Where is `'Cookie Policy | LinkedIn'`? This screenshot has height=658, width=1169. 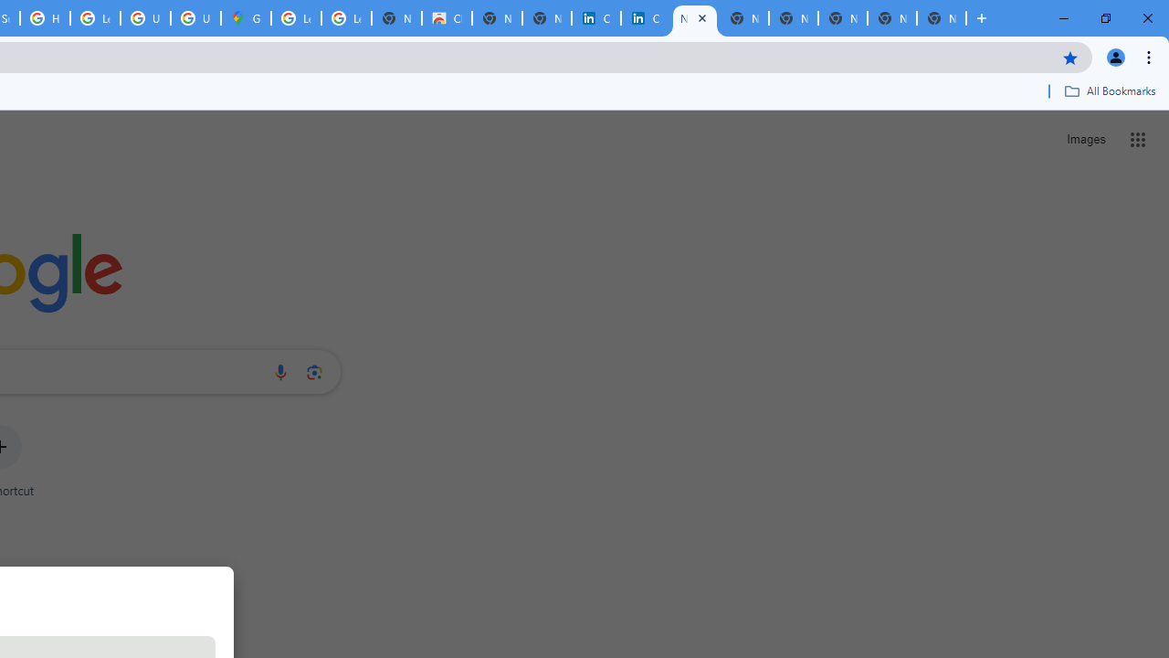
'Cookie Policy | LinkedIn' is located at coordinates (645, 18).